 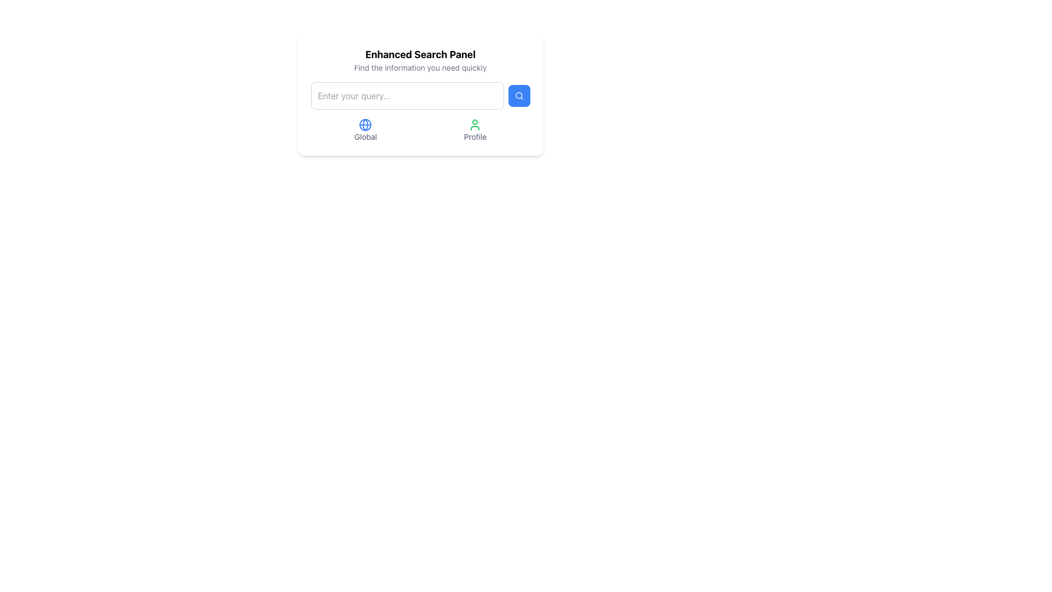 What do you see at coordinates (365, 124) in the screenshot?
I see `the globe icon representing 'Global' functionality located below the input search bar` at bounding box center [365, 124].